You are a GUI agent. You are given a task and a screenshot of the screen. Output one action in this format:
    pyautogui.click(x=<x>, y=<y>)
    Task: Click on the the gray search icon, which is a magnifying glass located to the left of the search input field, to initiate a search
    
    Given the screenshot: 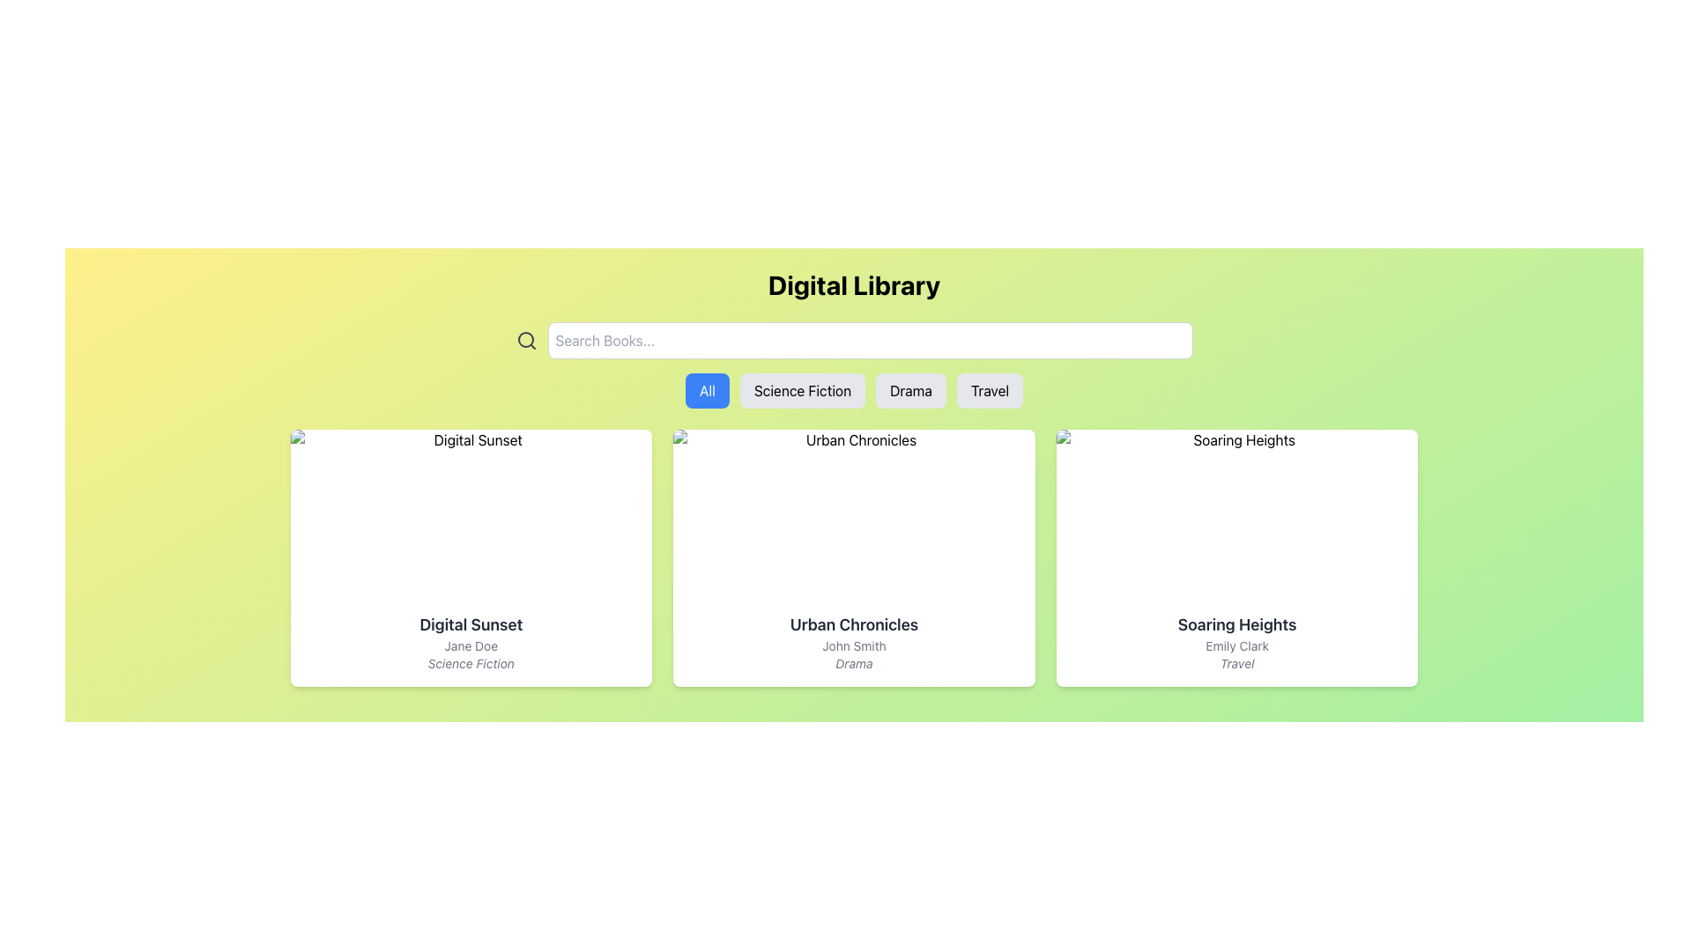 What is the action you would take?
    pyautogui.click(x=525, y=340)
    